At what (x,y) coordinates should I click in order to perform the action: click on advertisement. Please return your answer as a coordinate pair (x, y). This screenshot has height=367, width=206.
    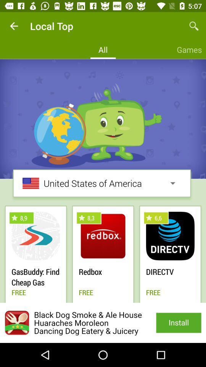
    Looking at the image, I should click on (103, 322).